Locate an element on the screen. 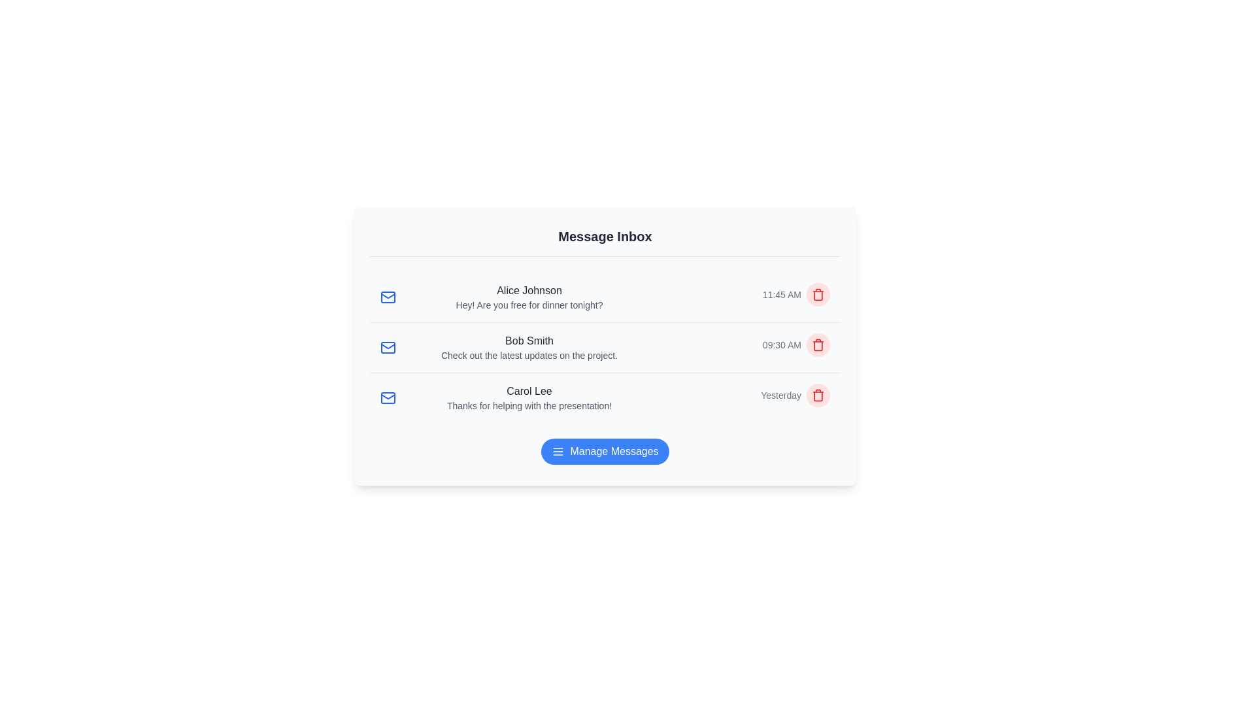  the delete button for the message from Bob Smith is located at coordinates (818, 345).